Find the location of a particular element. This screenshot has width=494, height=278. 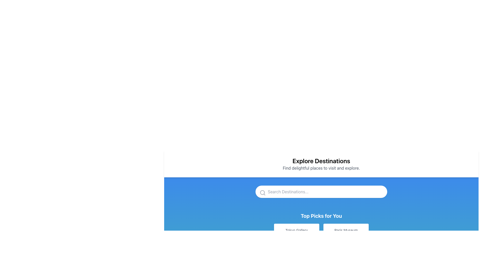

the search icon located to the left of the 'Search Destinations...' placeholder text is located at coordinates (263, 193).